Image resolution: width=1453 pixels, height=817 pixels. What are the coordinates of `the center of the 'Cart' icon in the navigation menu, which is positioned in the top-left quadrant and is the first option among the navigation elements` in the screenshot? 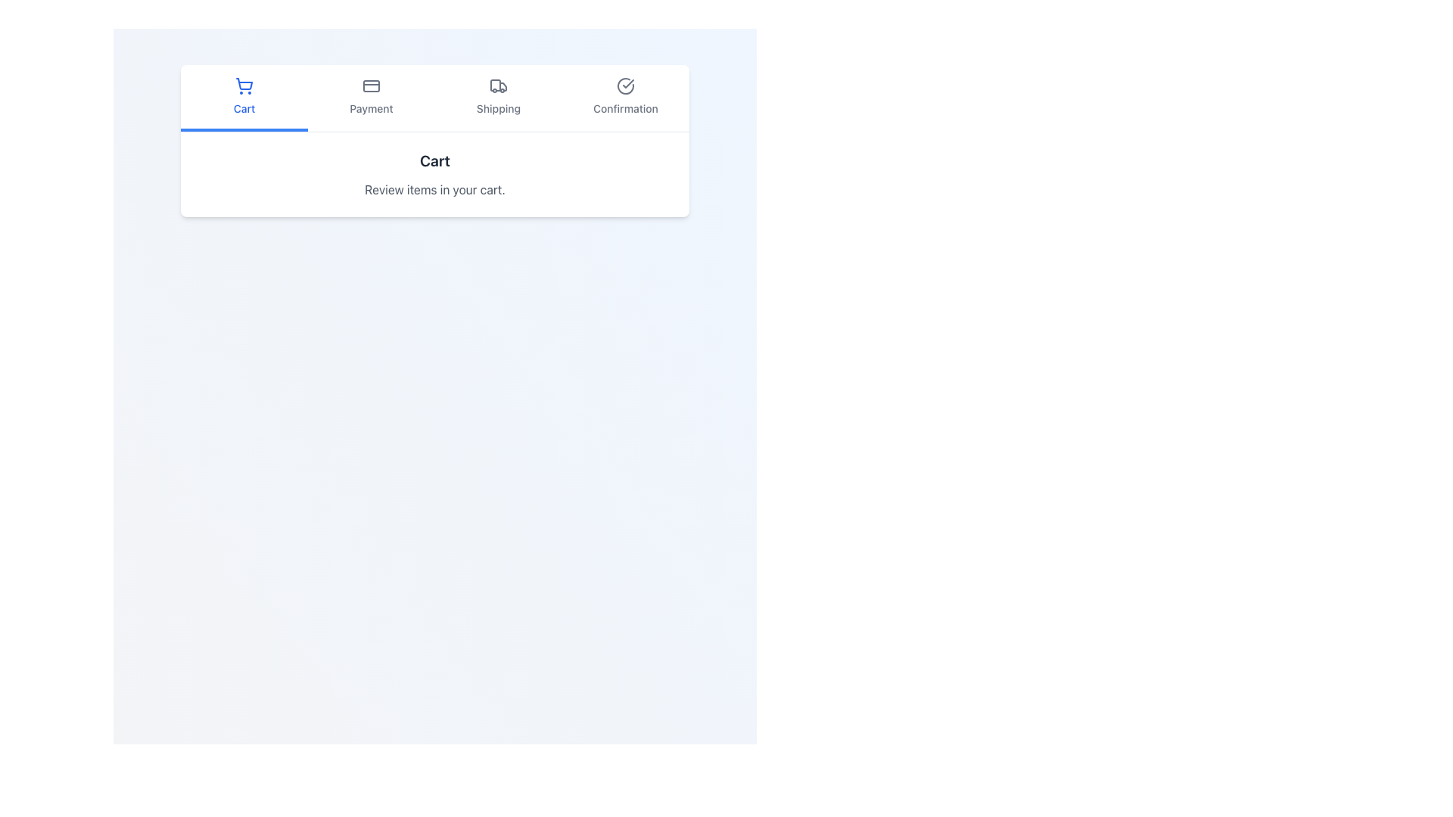 It's located at (244, 86).